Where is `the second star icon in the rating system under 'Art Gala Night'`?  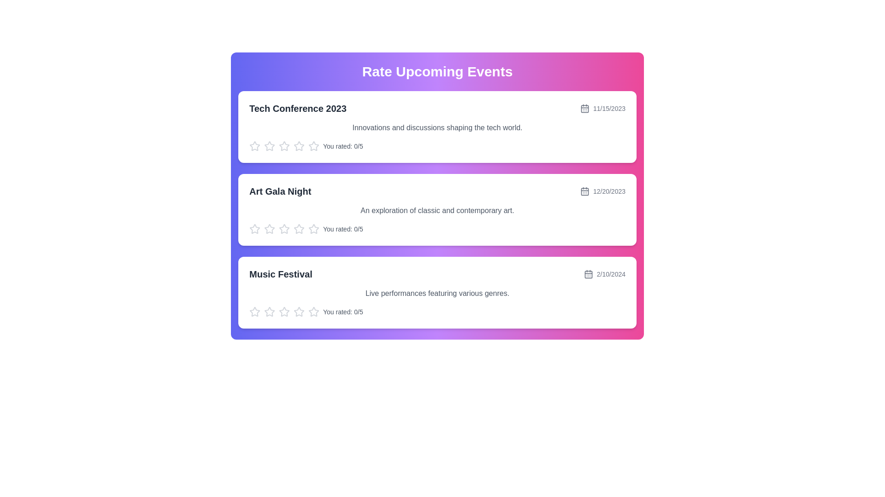
the second star icon in the rating system under 'Art Gala Night' is located at coordinates (299, 228).